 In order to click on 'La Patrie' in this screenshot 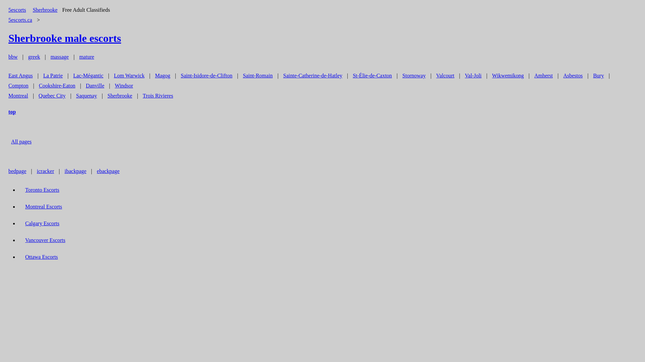, I will do `click(53, 75)`.